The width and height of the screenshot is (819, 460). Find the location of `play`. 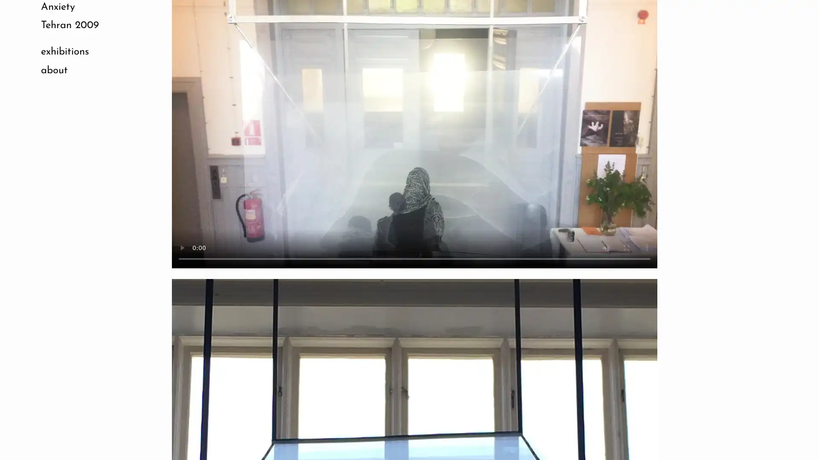

play is located at coordinates (182, 248).